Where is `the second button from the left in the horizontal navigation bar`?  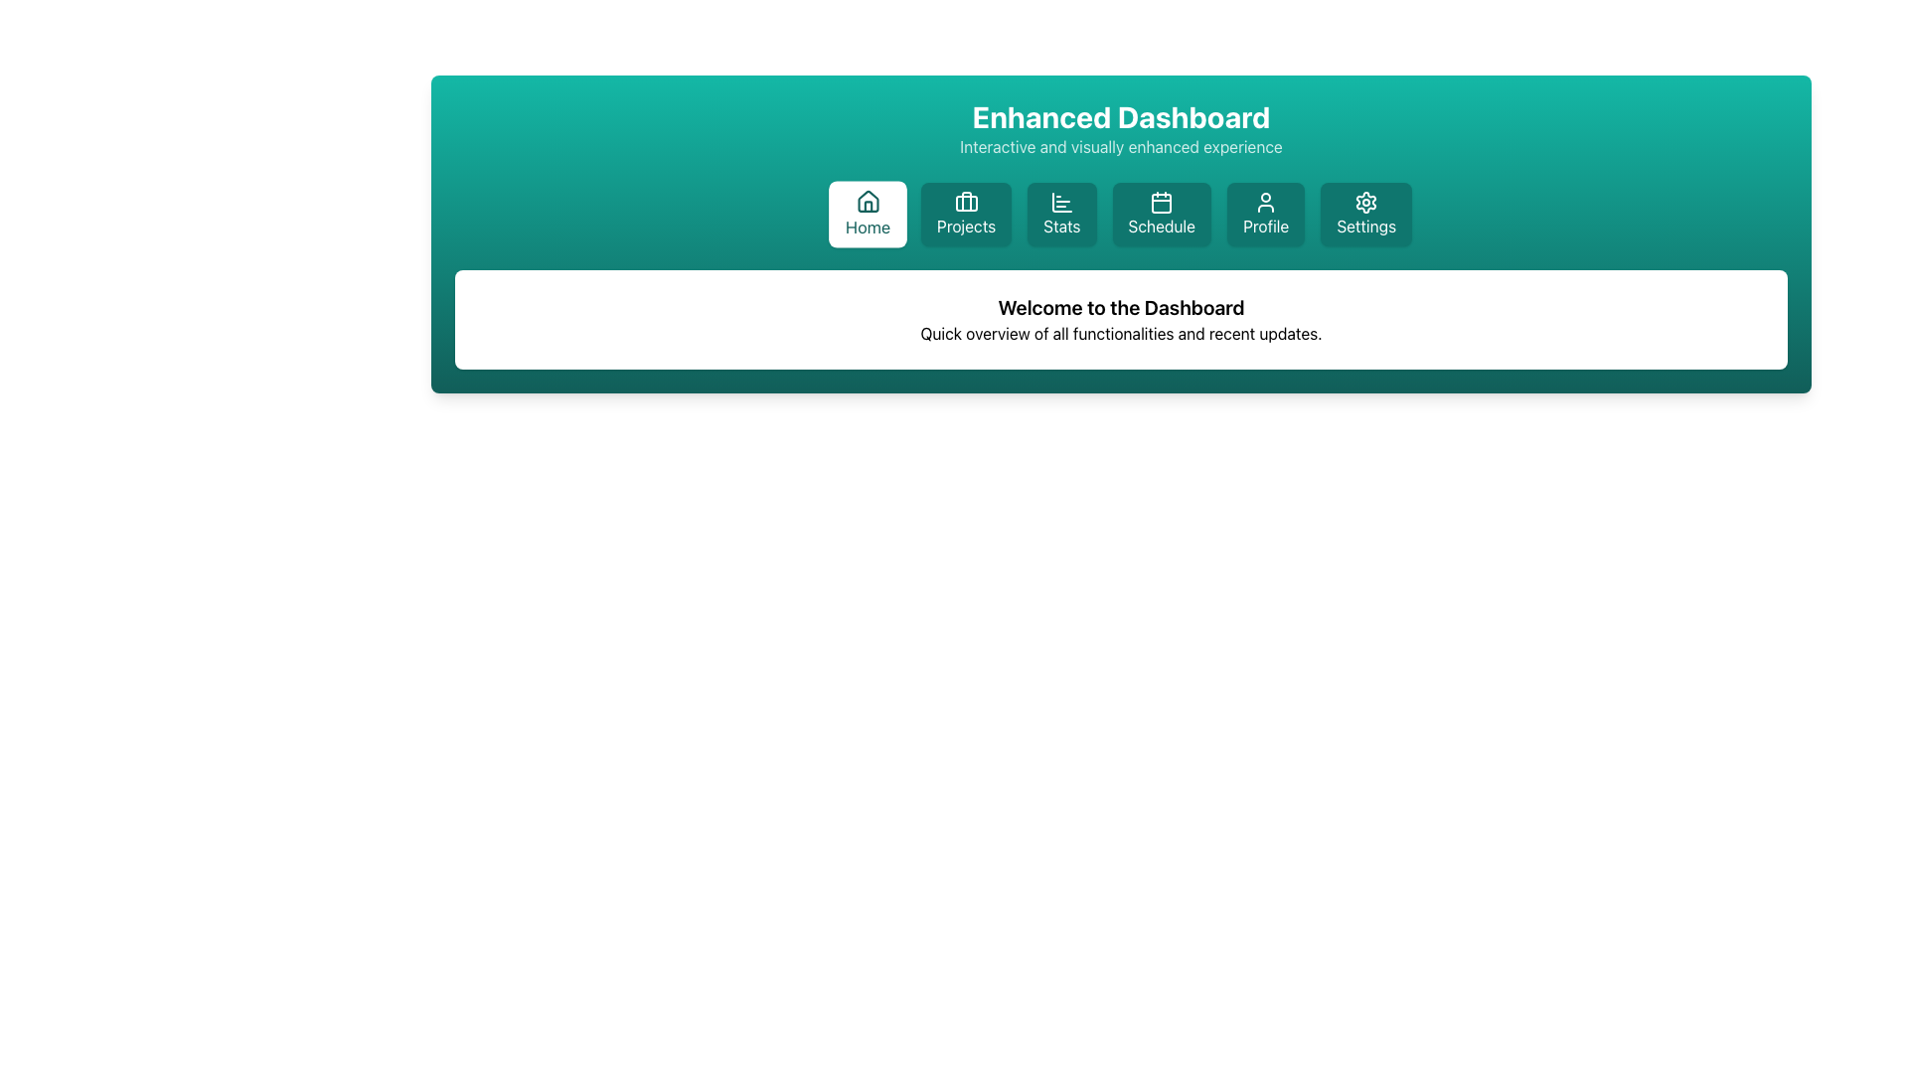
the second button from the left in the horizontal navigation bar is located at coordinates (966, 215).